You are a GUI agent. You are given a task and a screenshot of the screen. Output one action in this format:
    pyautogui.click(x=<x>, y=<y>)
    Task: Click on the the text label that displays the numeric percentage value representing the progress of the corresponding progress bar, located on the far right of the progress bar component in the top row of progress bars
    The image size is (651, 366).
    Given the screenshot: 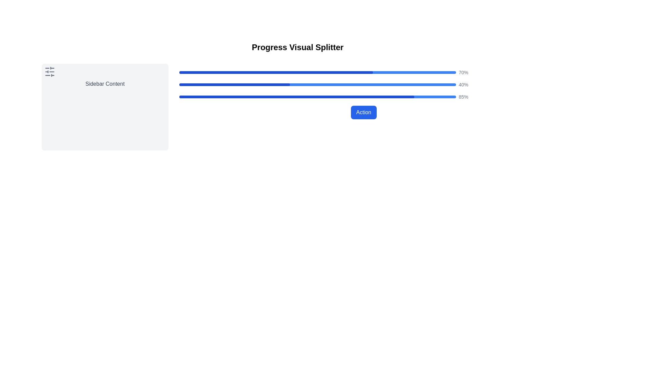 What is the action you would take?
    pyautogui.click(x=463, y=72)
    